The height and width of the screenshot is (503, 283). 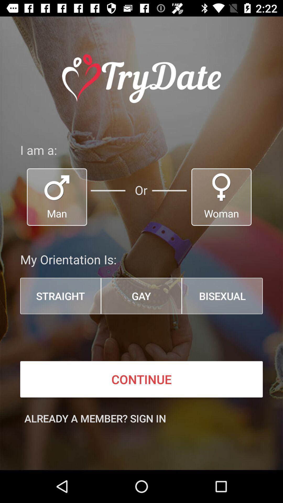 I want to click on give the information about your gender, so click(x=221, y=197).